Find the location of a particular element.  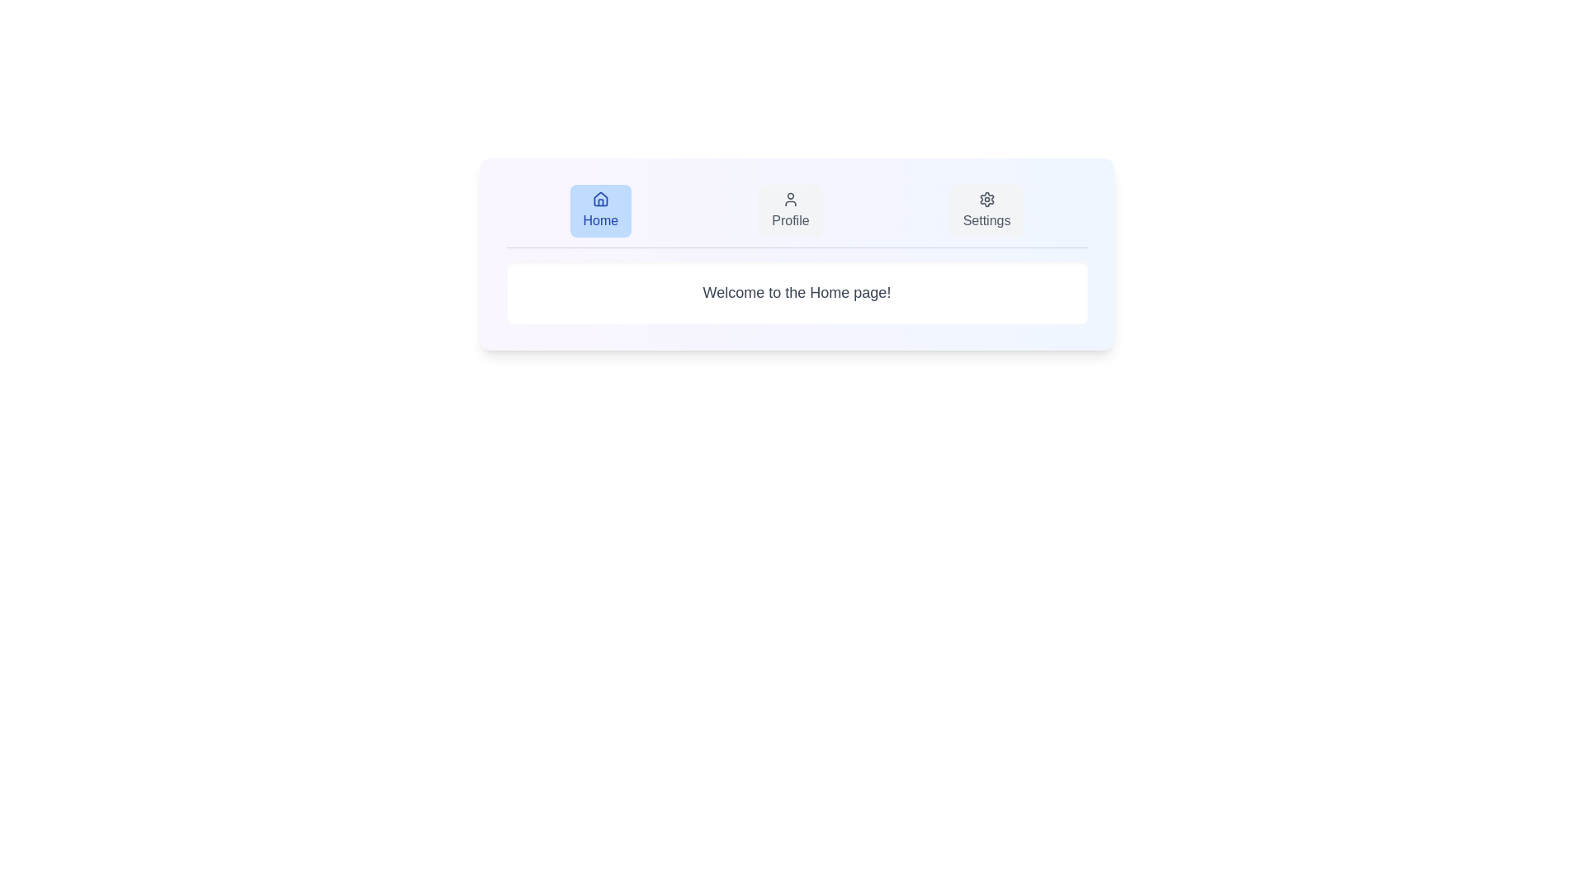

the content displayed in the content area is located at coordinates (797, 291).